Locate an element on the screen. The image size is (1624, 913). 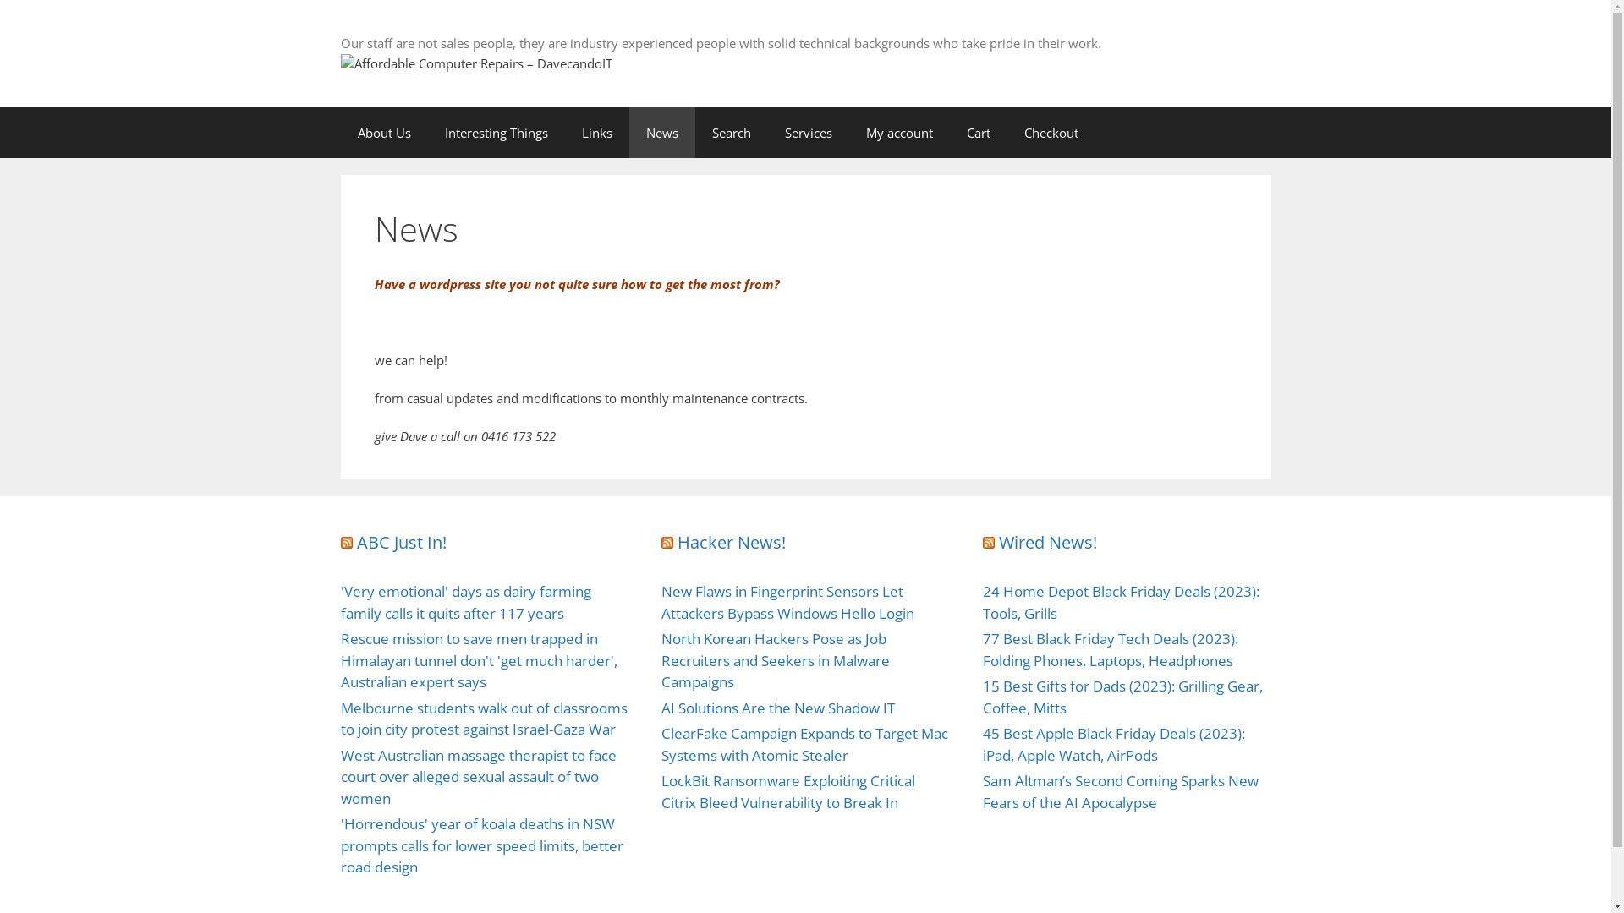
'24 Home Depot Black Friday Deals (2023): Tools, Grills' is located at coordinates (1121, 601).